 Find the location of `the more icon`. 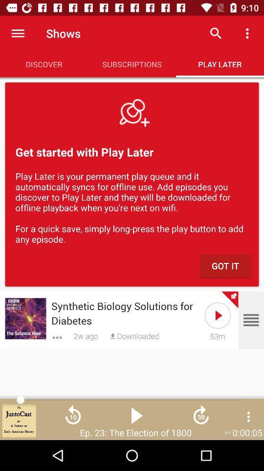

the more icon is located at coordinates (248, 416).